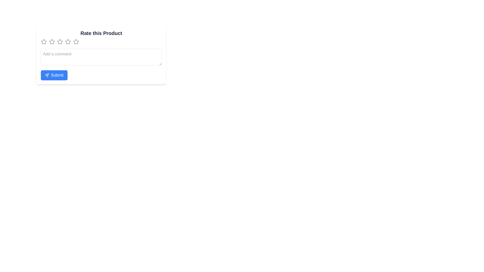  What do you see at coordinates (52, 41) in the screenshot?
I see `the second star icon in the rating system` at bounding box center [52, 41].